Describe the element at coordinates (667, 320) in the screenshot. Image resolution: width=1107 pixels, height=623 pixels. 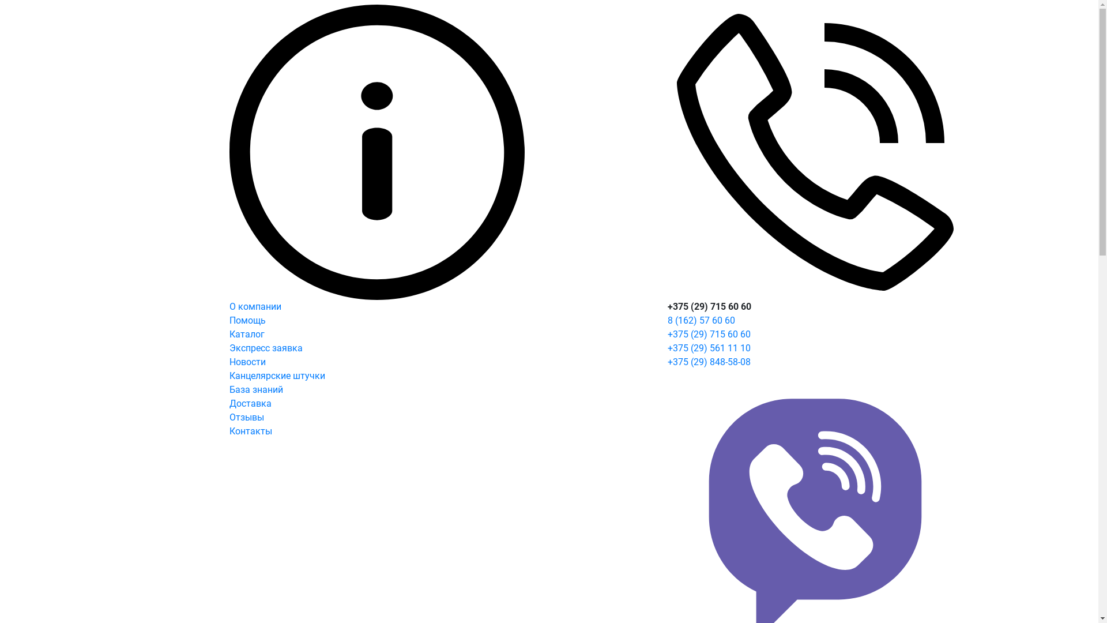
I see `'8 (162) 57 60 60'` at that location.